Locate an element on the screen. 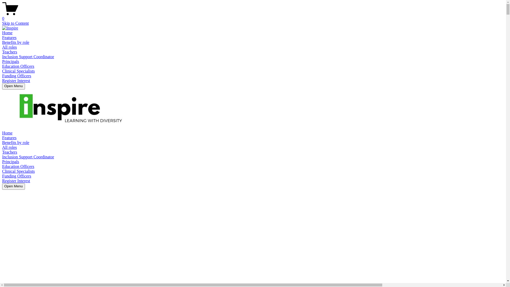  'Clinical Specialists' is located at coordinates (18, 171).